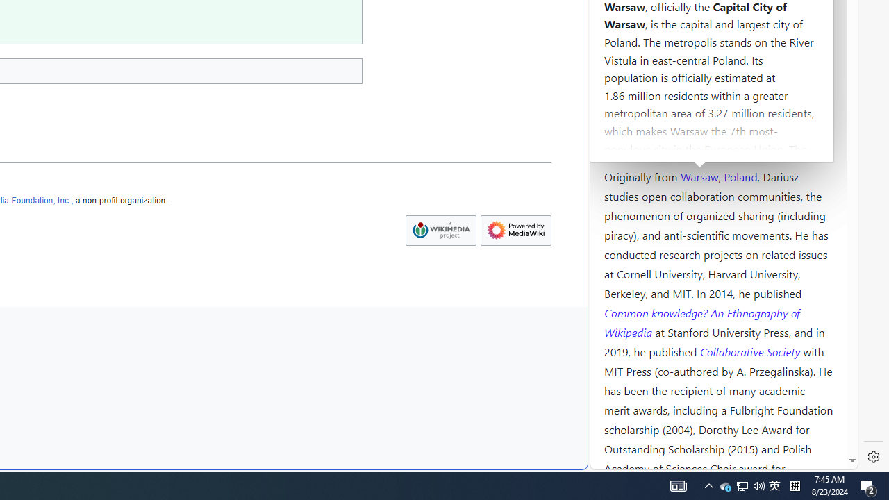 Image resolution: width=889 pixels, height=500 pixels. Describe the element at coordinates (740, 175) in the screenshot. I see `'Poland'` at that location.